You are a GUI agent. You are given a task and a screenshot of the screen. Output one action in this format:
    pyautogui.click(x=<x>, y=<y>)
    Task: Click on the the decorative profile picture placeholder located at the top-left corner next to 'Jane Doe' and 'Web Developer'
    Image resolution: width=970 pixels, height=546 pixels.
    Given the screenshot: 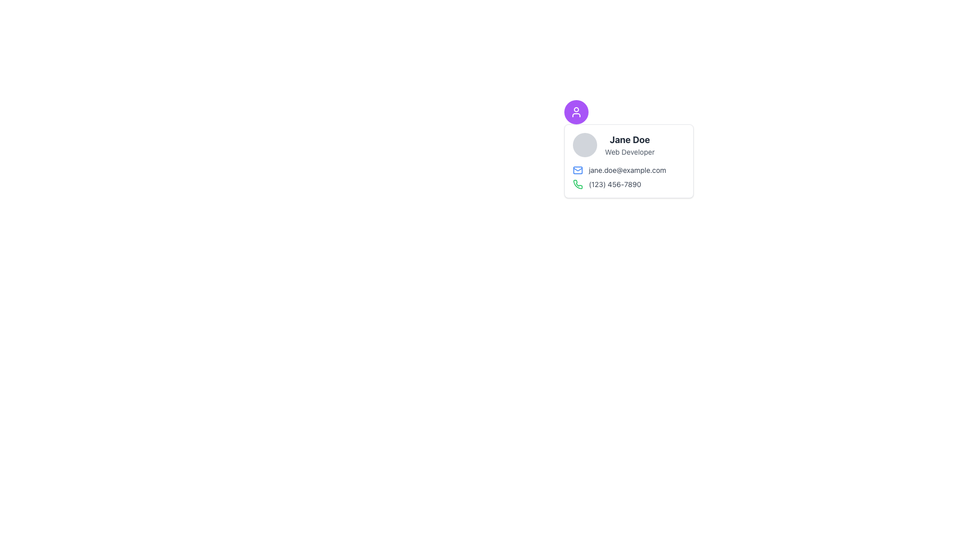 What is the action you would take?
    pyautogui.click(x=585, y=145)
    